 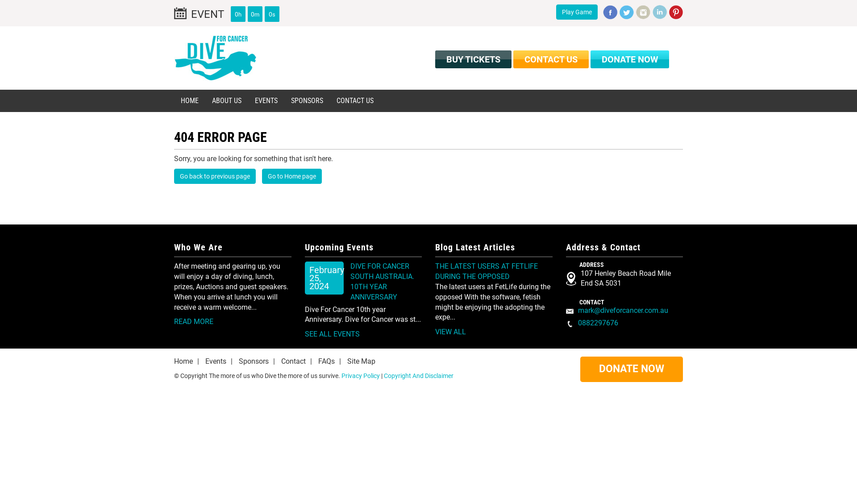 I want to click on '0882297676', so click(x=578, y=323).